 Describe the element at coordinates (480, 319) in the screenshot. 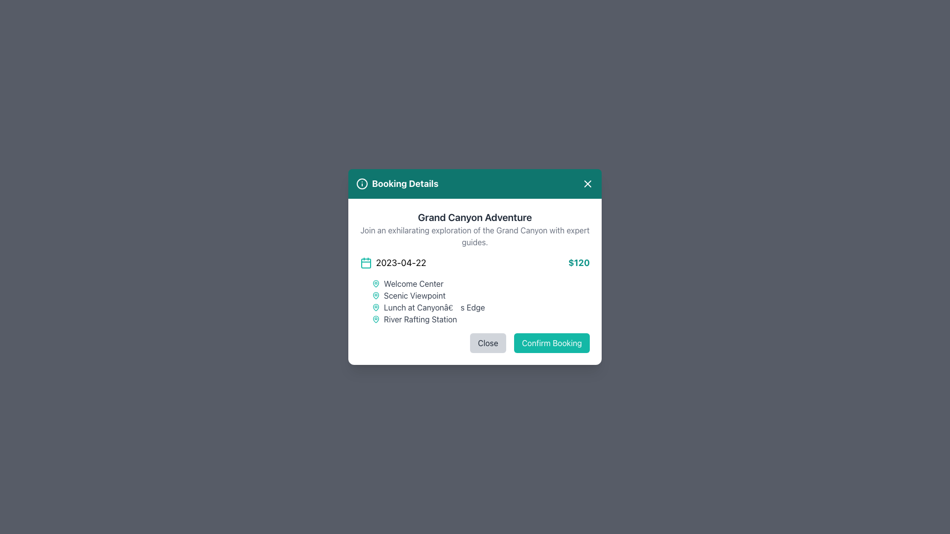

I see `the teal pin icon of the List item displaying 'River Rafting Station'` at that location.